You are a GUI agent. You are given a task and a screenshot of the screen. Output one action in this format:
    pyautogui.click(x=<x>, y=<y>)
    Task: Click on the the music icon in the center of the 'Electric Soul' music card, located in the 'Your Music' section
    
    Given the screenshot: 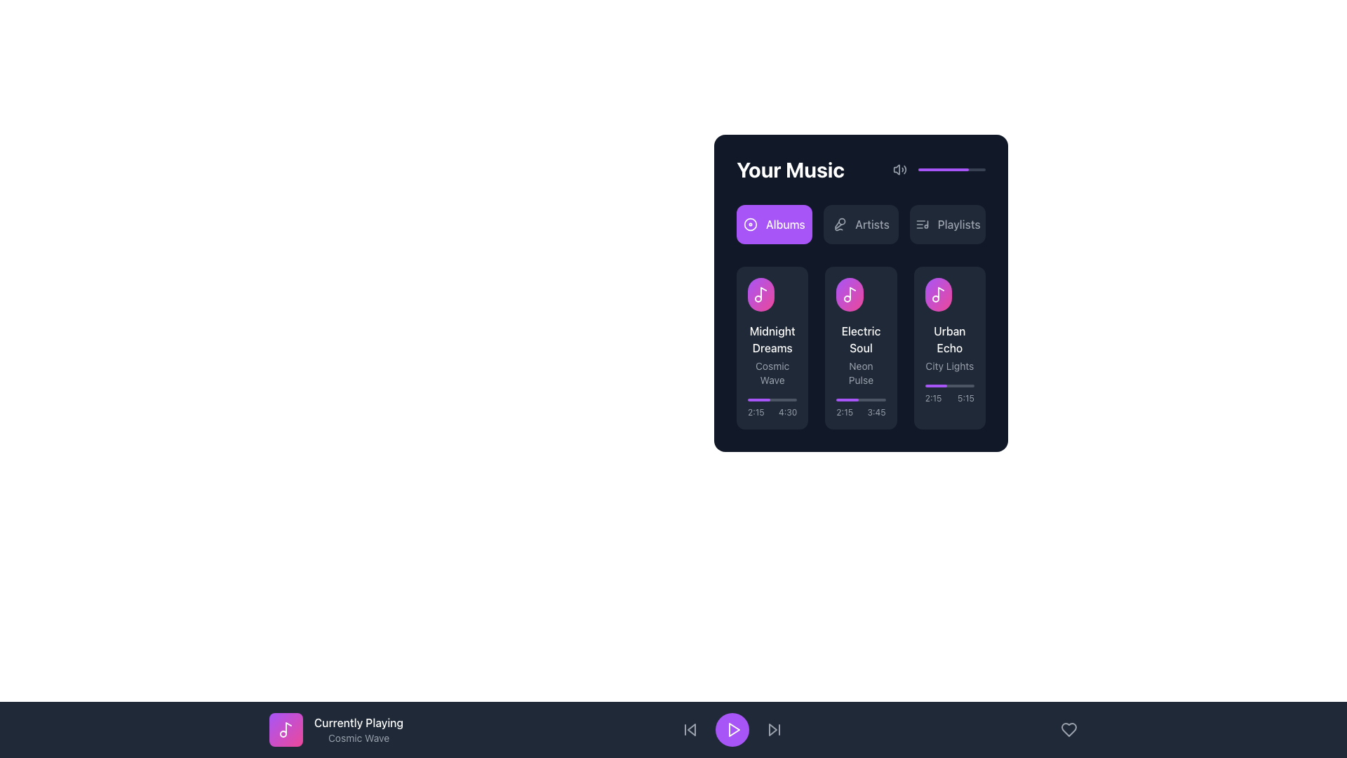 What is the action you would take?
    pyautogui.click(x=849, y=294)
    